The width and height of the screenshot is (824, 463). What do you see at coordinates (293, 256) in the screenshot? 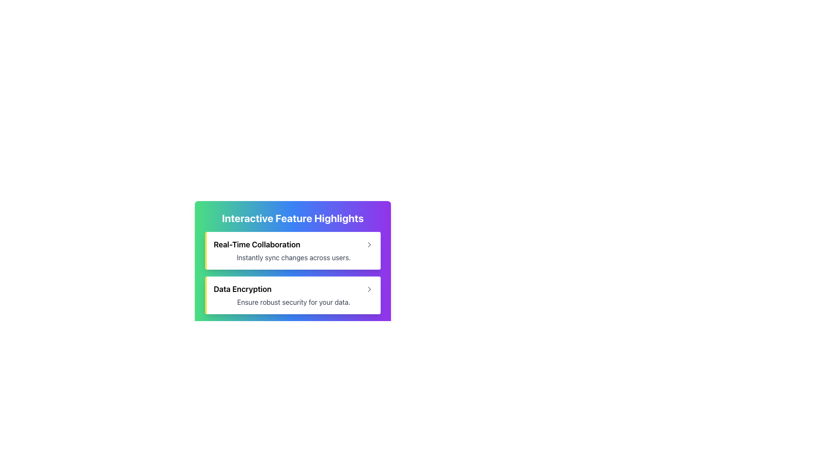
I see `the sections of the Information Panel Component` at bounding box center [293, 256].